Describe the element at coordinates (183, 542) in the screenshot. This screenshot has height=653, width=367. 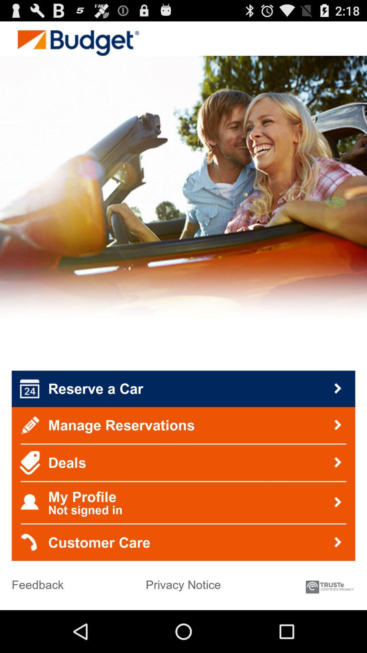
I see `icon above the feedback item` at that location.